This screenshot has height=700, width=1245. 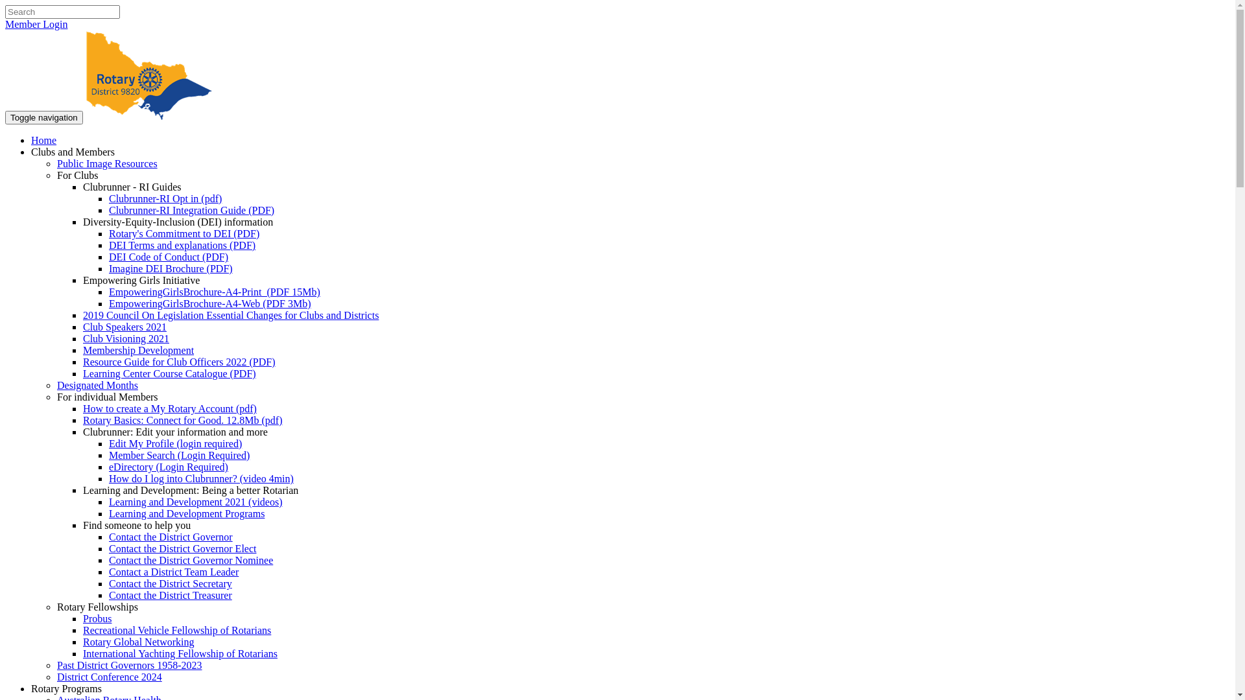 What do you see at coordinates (169, 373) in the screenshot?
I see `'Learning Center Course Catalogue (PDF)'` at bounding box center [169, 373].